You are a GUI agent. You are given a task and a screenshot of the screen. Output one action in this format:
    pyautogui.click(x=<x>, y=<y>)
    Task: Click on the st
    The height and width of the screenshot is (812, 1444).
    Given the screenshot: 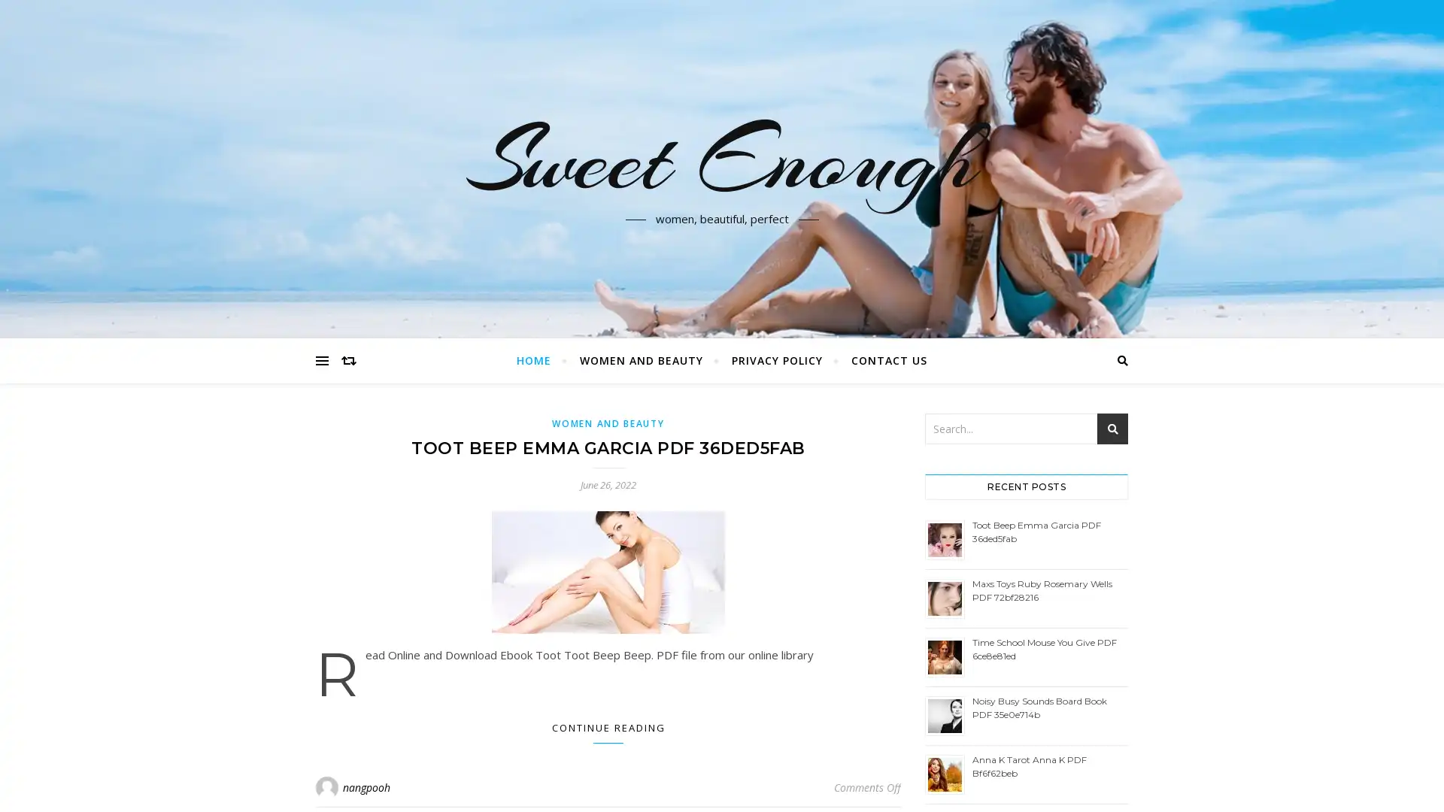 What is the action you would take?
    pyautogui.click(x=1112, y=429)
    